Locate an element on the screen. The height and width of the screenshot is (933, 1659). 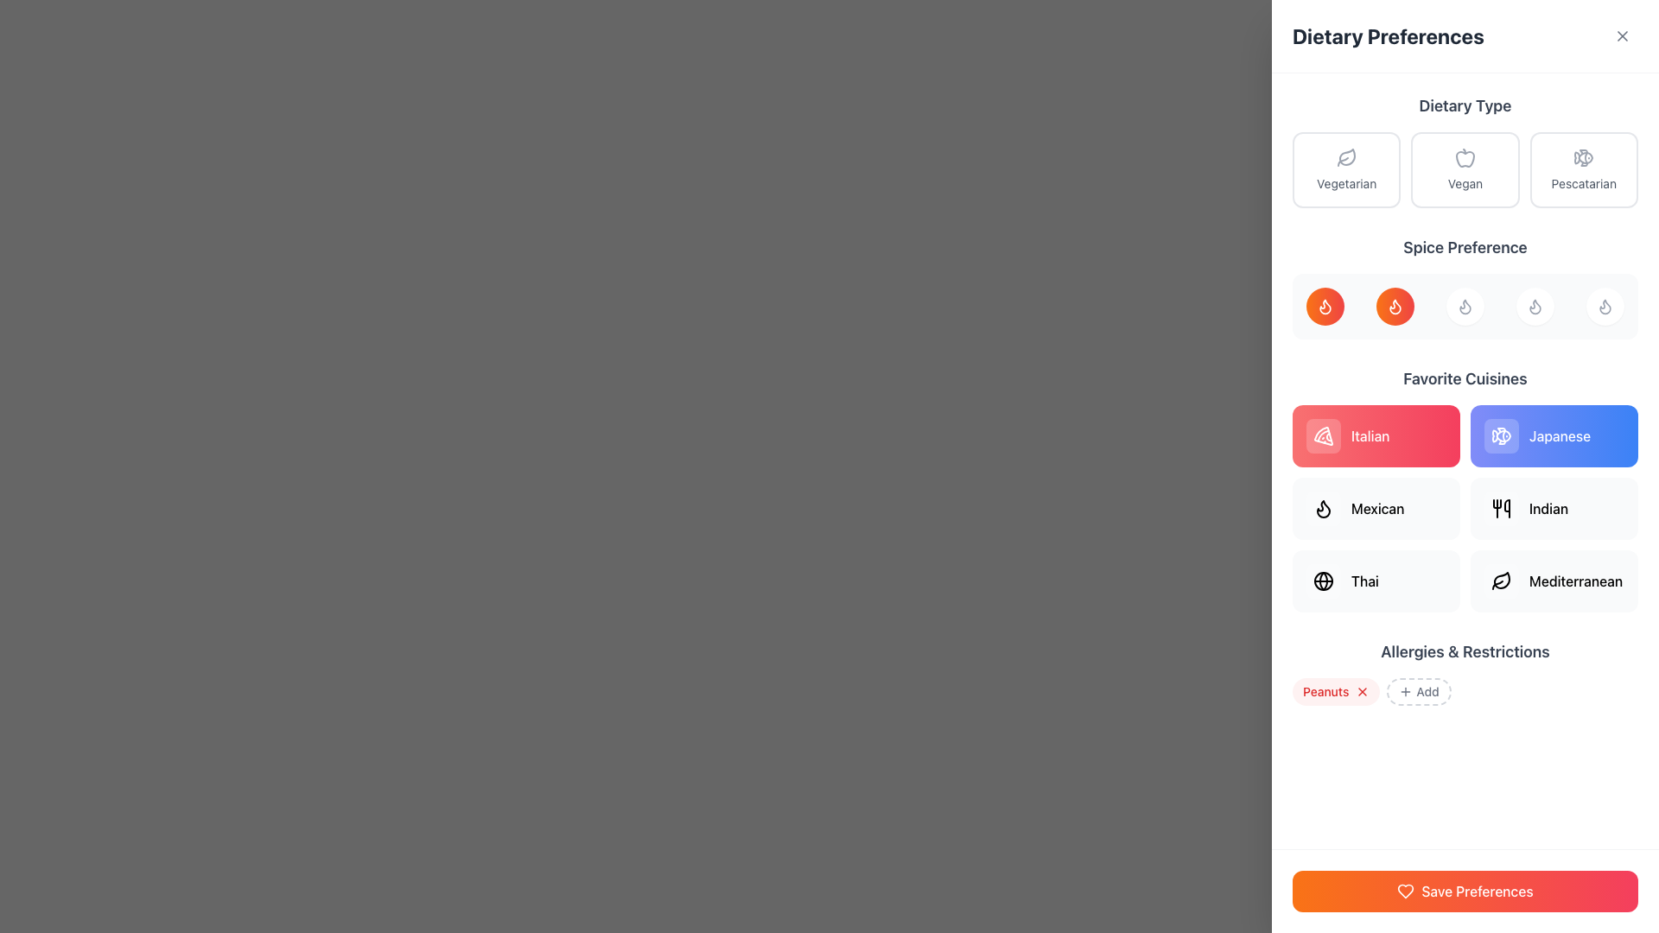
the fish icon representing the 'Pescatarian' choice in the 'Dietary Type' section, which is the third button in the row of buttons is located at coordinates (1586, 157).